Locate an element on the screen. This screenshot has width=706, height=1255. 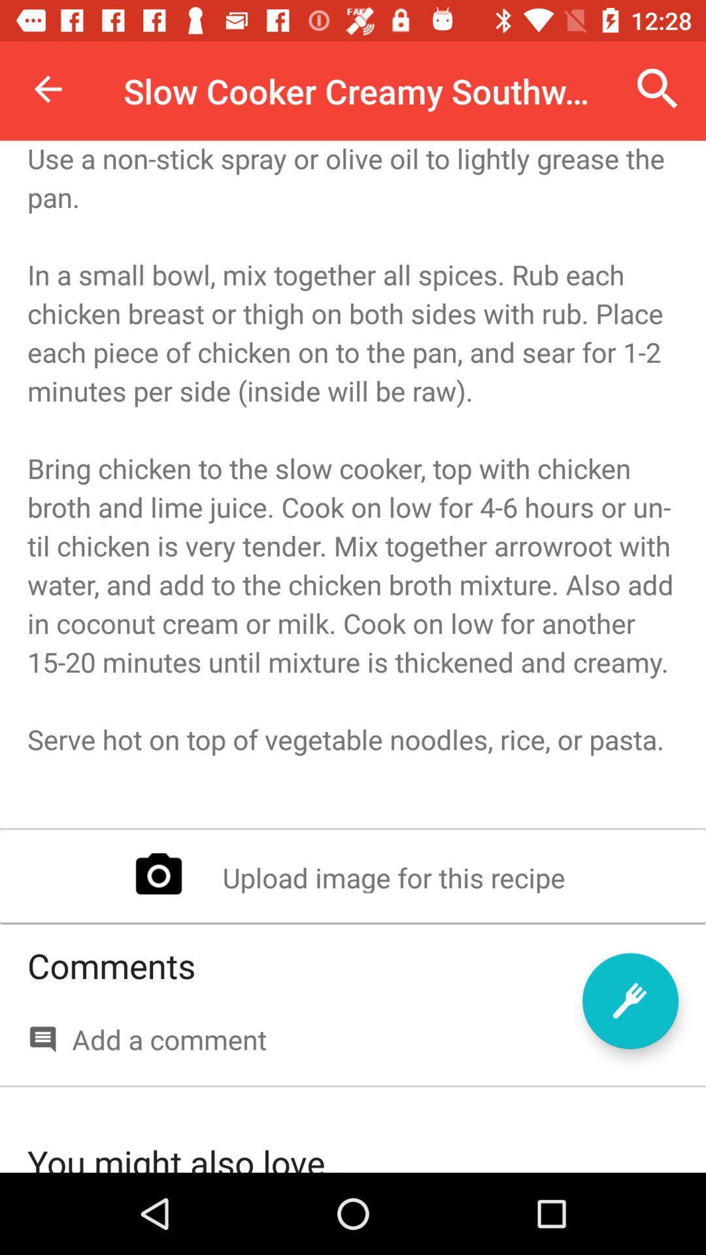
icon above the begin by heating is located at coordinates (658, 88).